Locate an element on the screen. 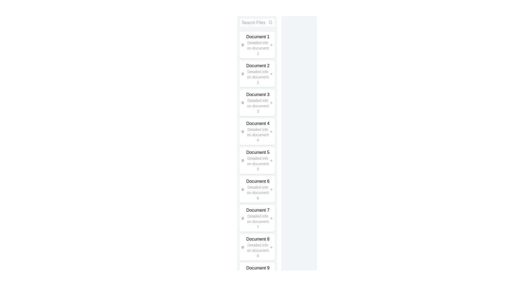 The height and width of the screenshot is (289, 515). the informational text element located directly under 'Document 3', which provides additional descriptive information about it is located at coordinates (258, 106).